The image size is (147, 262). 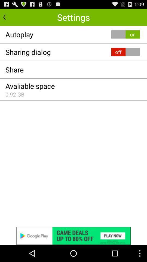 What do you see at coordinates (10, 17) in the screenshot?
I see `go back` at bounding box center [10, 17].